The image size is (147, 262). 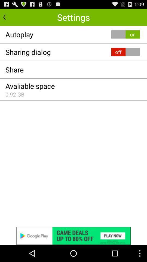 What do you see at coordinates (10, 17) in the screenshot?
I see `go back` at bounding box center [10, 17].